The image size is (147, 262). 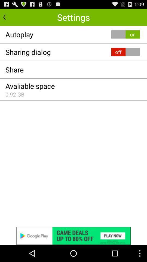 What do you see at coordinates (10, 17) in the screenshot?
I see `go back` at bounding box center [10, 17].